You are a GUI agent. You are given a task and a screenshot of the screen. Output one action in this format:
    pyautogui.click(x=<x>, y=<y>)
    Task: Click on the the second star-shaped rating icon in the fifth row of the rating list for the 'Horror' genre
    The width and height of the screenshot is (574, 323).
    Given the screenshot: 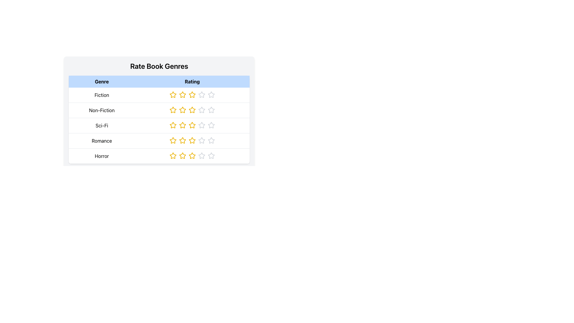 What is the action you would take?
    pyautogui.click(x=182, y=155)
    